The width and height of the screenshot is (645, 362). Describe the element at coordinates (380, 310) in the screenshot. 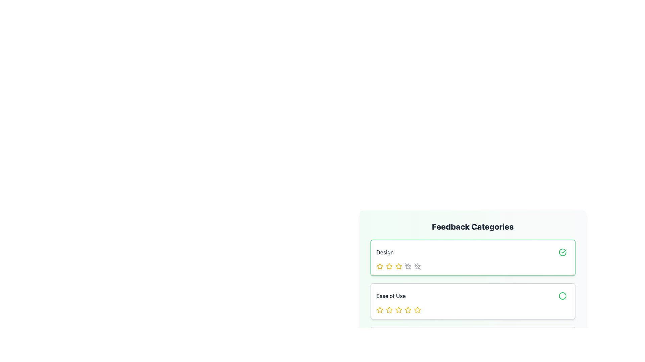

I see `the first yellow star icon in the rating system under the 'Ease of Use' section` at that location.